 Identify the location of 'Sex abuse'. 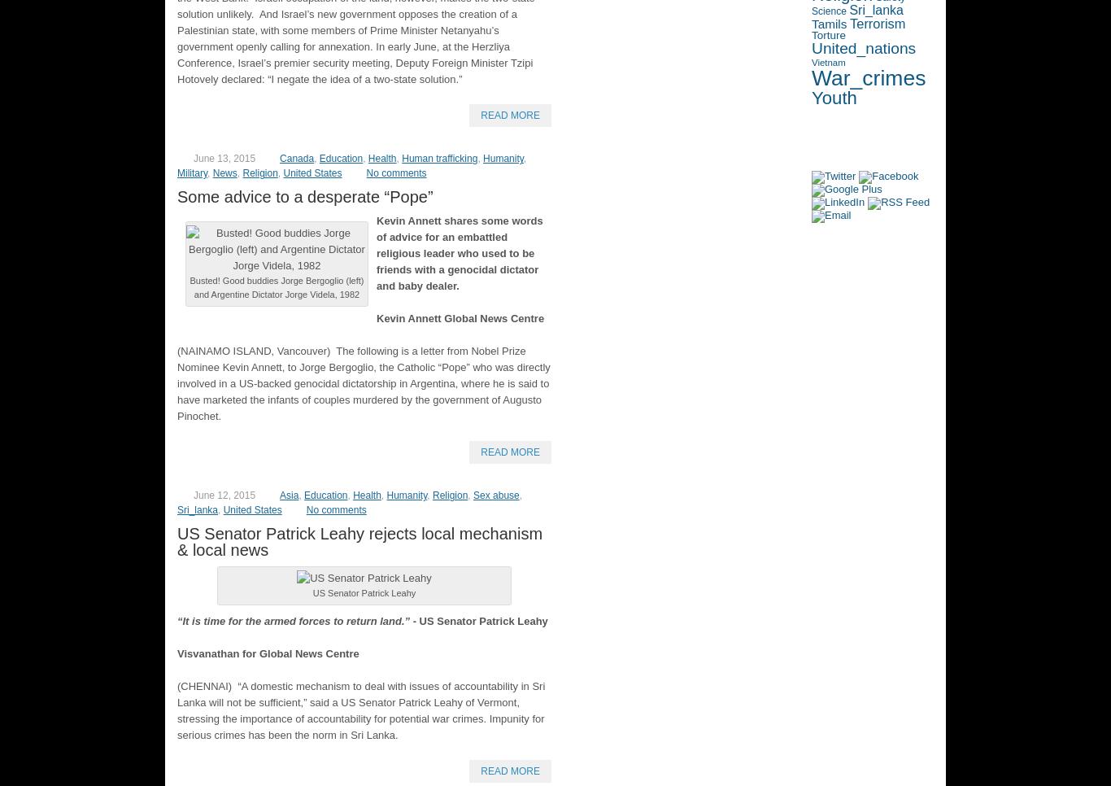
(495, 495).